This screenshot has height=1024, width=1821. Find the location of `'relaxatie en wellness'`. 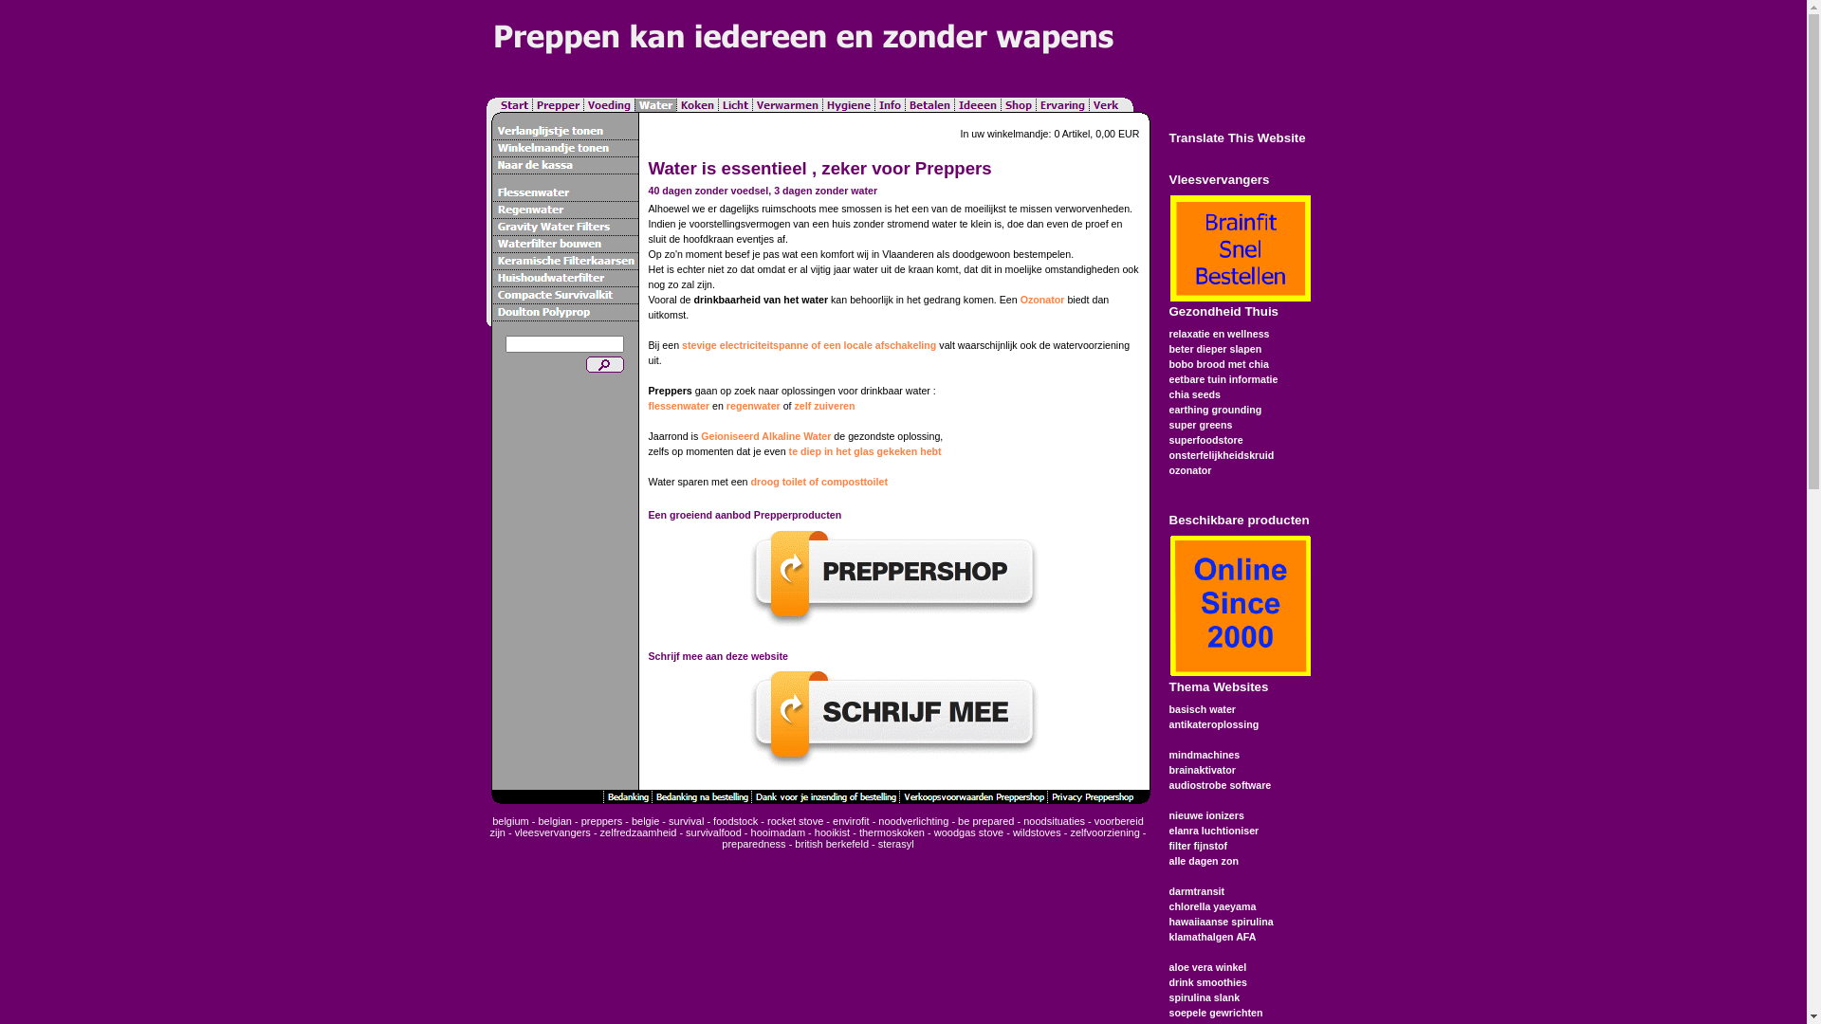

'relaxatie en wellness' is located at coordinates (1219, 332).